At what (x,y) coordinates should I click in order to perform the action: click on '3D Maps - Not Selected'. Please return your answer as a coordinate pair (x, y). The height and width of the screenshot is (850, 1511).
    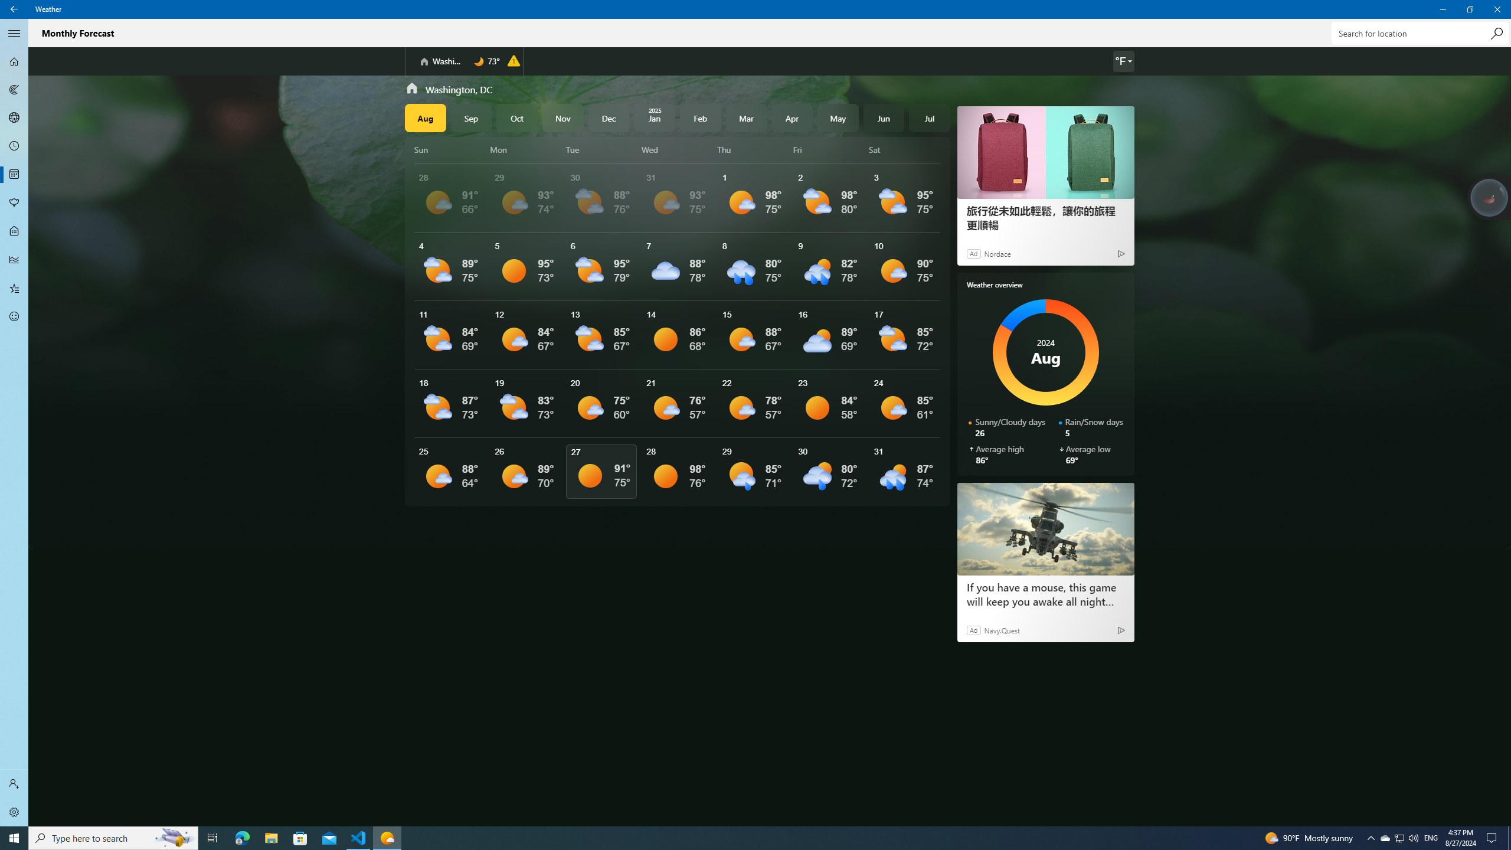
    Looking at the image, I should click on (14, 117).